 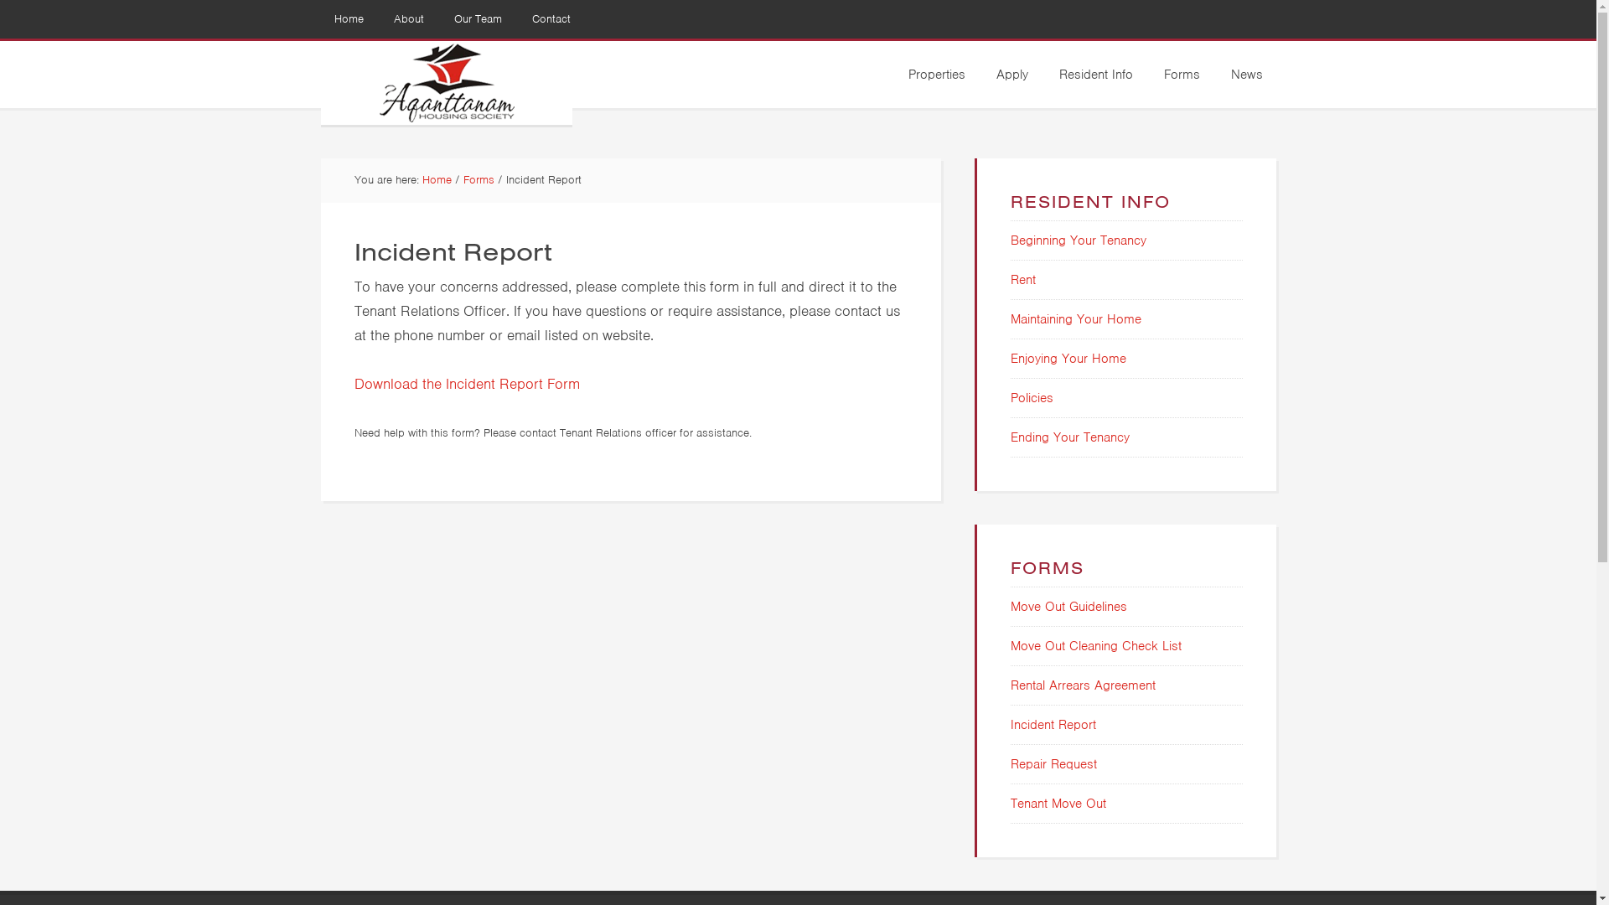 What do you see at coordinates (1009, 607) in the screenshot?
I see `'Move Out Guidelines'` at bounding box center [1009, 607].